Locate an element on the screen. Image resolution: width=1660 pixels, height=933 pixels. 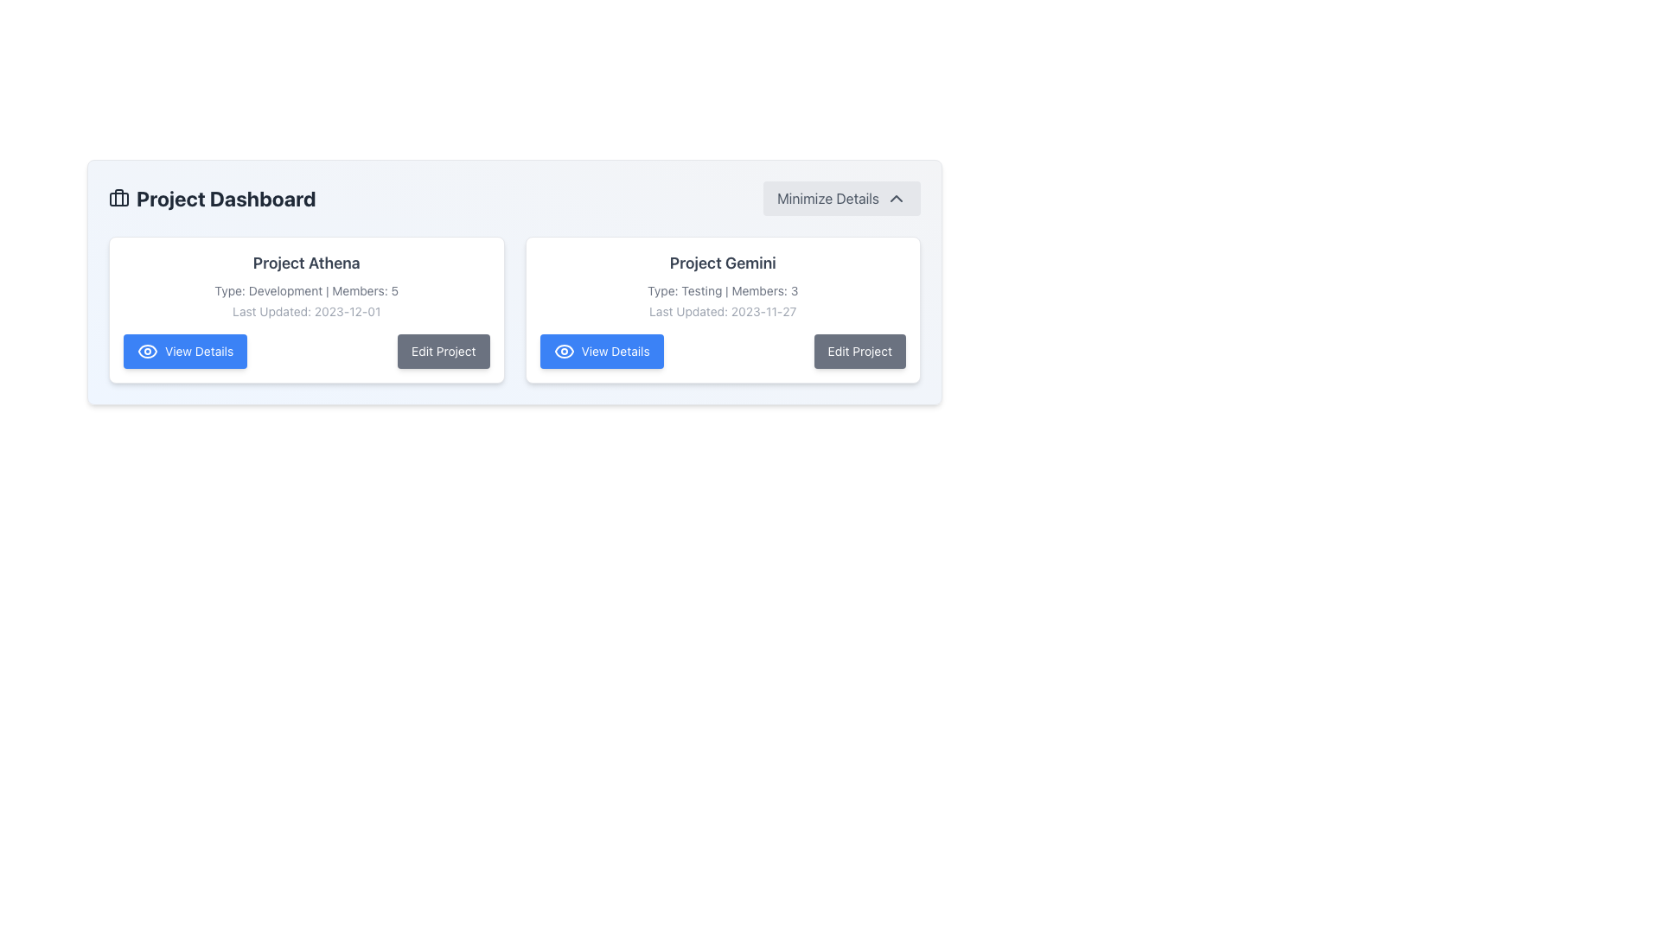
the button that triggers editing for 'Project Gemini' is located at coordinates (859, 351).